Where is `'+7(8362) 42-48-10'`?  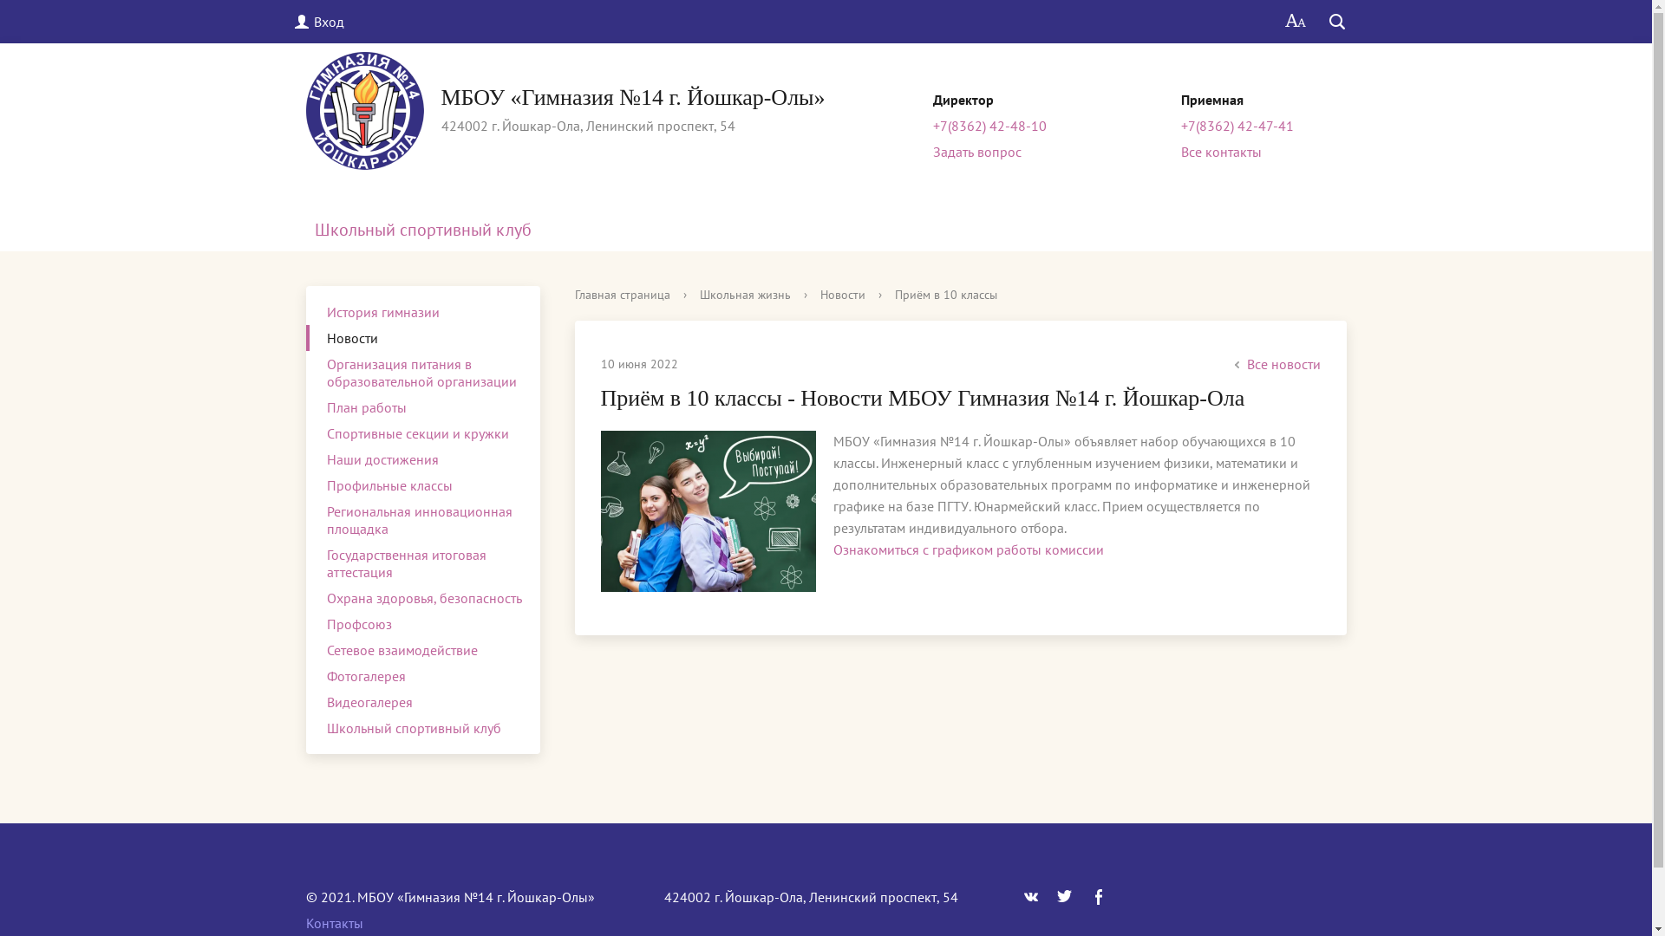 '+7(8362) 42-48-10' is located at coordinates (989, 125).